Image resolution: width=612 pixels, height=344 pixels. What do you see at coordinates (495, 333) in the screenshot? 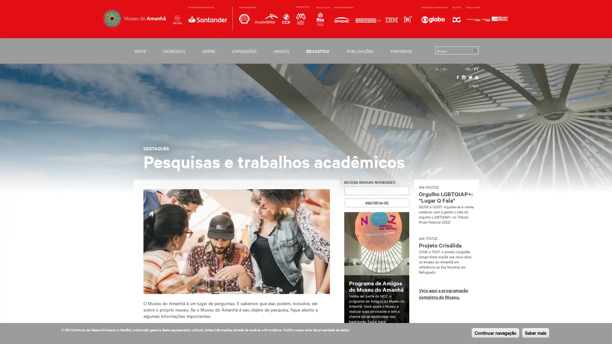
I see `Continuar navegacao` at bounding box center [495, 333].